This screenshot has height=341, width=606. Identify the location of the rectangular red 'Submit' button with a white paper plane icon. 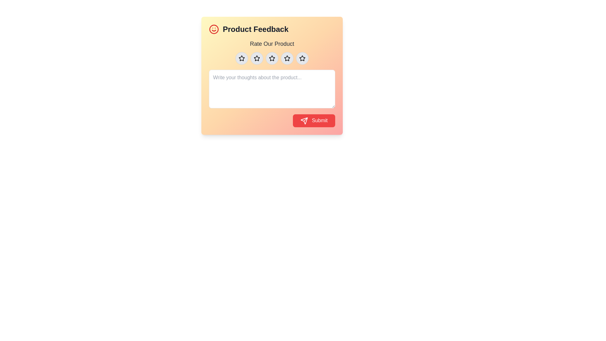
(314, 121).